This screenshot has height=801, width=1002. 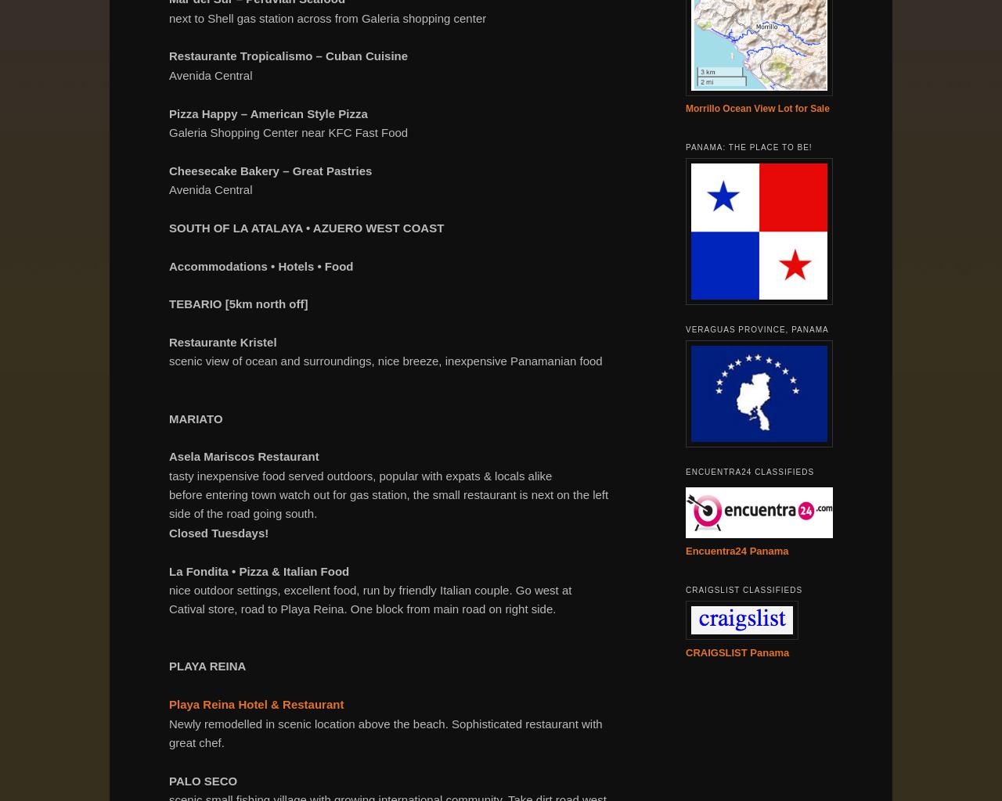 What do you see at coordinates (256, 703) in the screenshot?
I see `'Playa Reina Hotel & Restaurant'` at bounding box center [256, 703].